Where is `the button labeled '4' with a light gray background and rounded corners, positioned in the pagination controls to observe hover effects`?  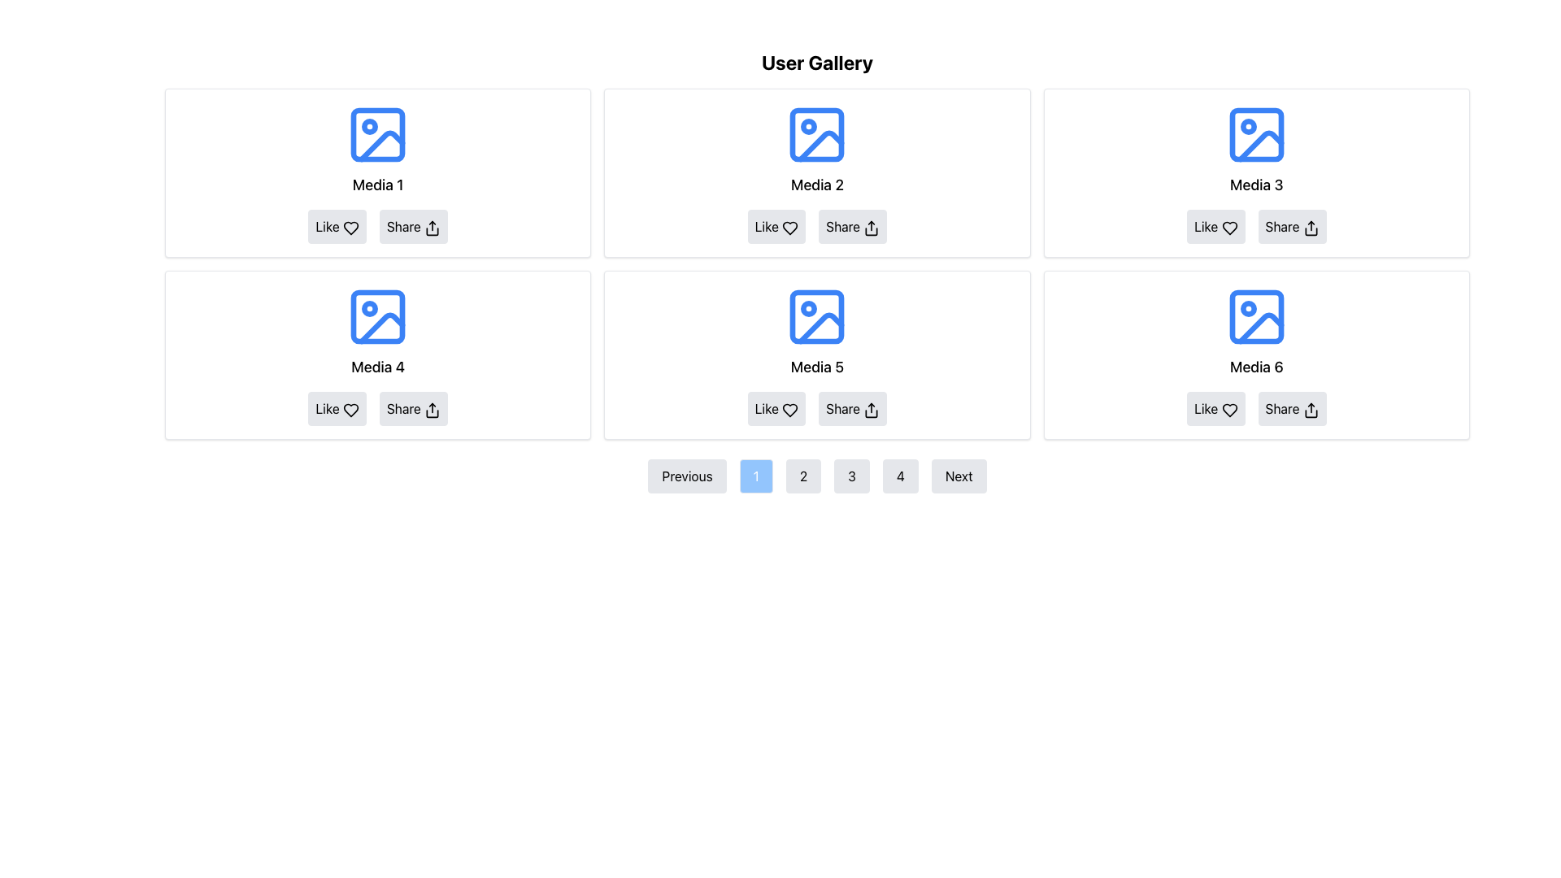 the button labeled '4' with a light gray background and rounded corners, positioned in the pagination controls to observe hover effects is located at coordinates (899, 476).